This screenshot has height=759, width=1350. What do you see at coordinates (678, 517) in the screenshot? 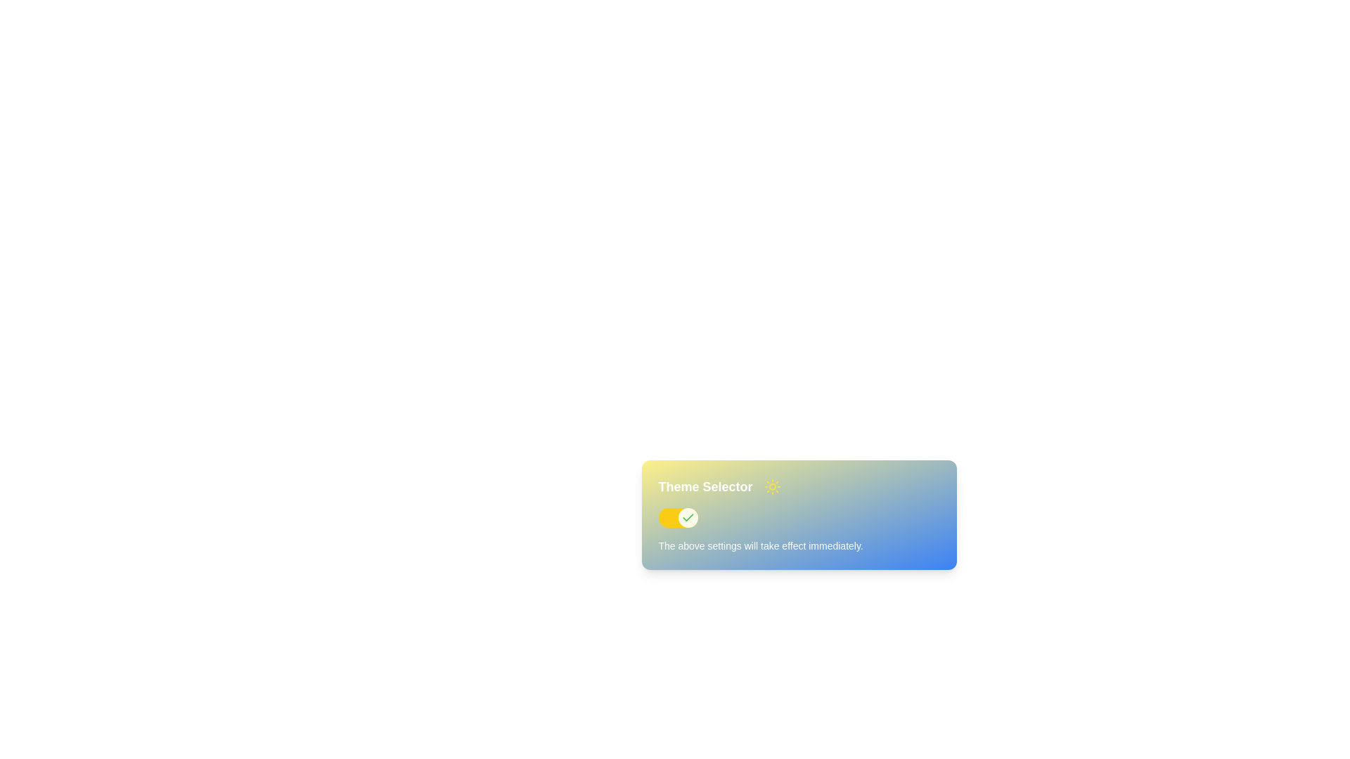
I see `the toggle switch with a rounded yellow background and a white knob containing a green checkmark, located below 'Theme Selector'` at bounding box center [678, 517].